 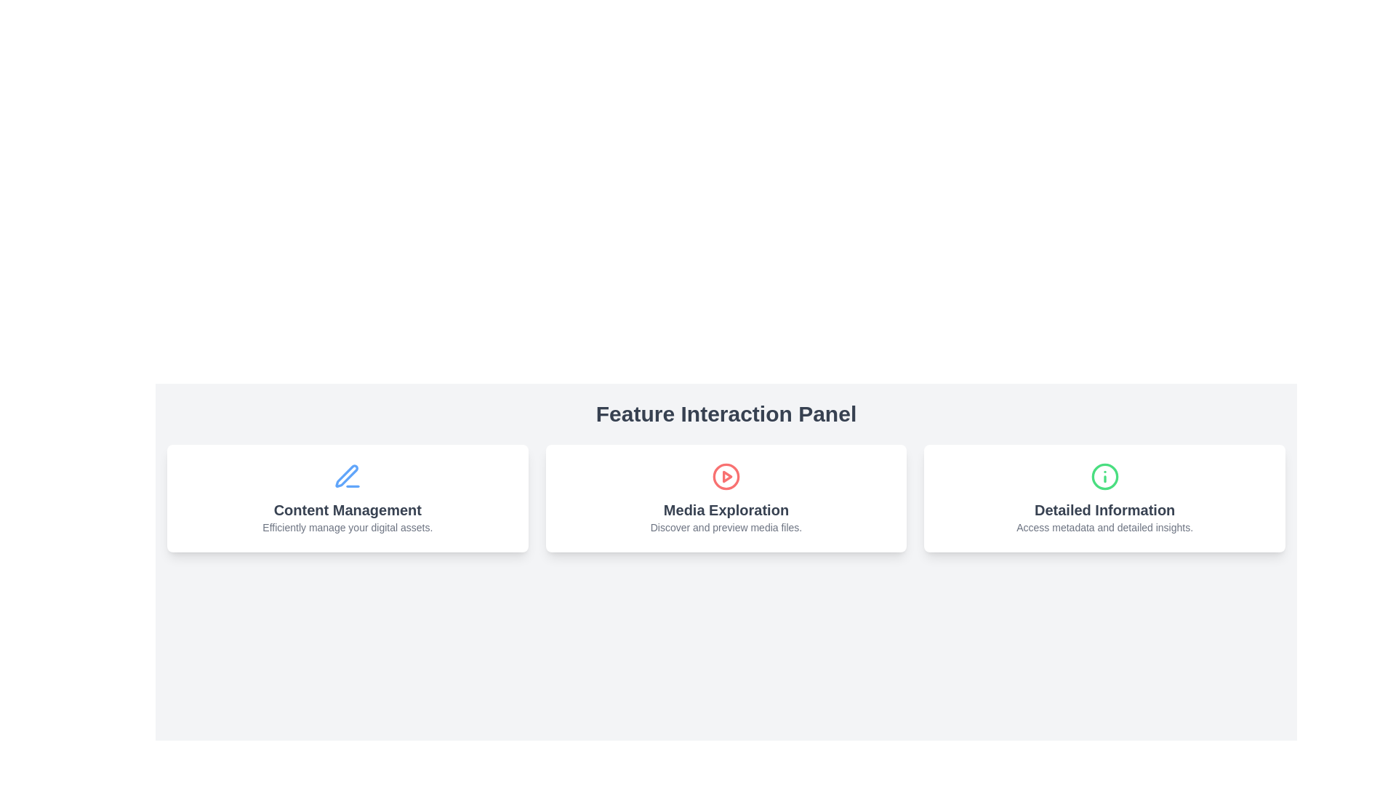 I want to click on the 'Content Management' text label, which is bold and dark gray, located at the center of the first card among three horizontally aligned cards, so click(x=347, y=510).